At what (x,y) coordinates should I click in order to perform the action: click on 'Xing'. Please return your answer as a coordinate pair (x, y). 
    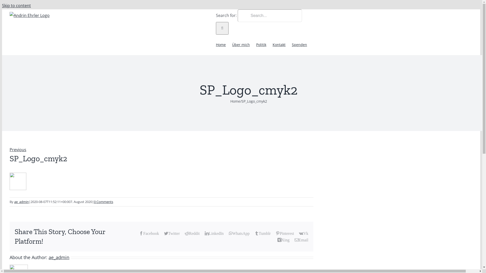
    Looking at the image, I should click on (283, 239).